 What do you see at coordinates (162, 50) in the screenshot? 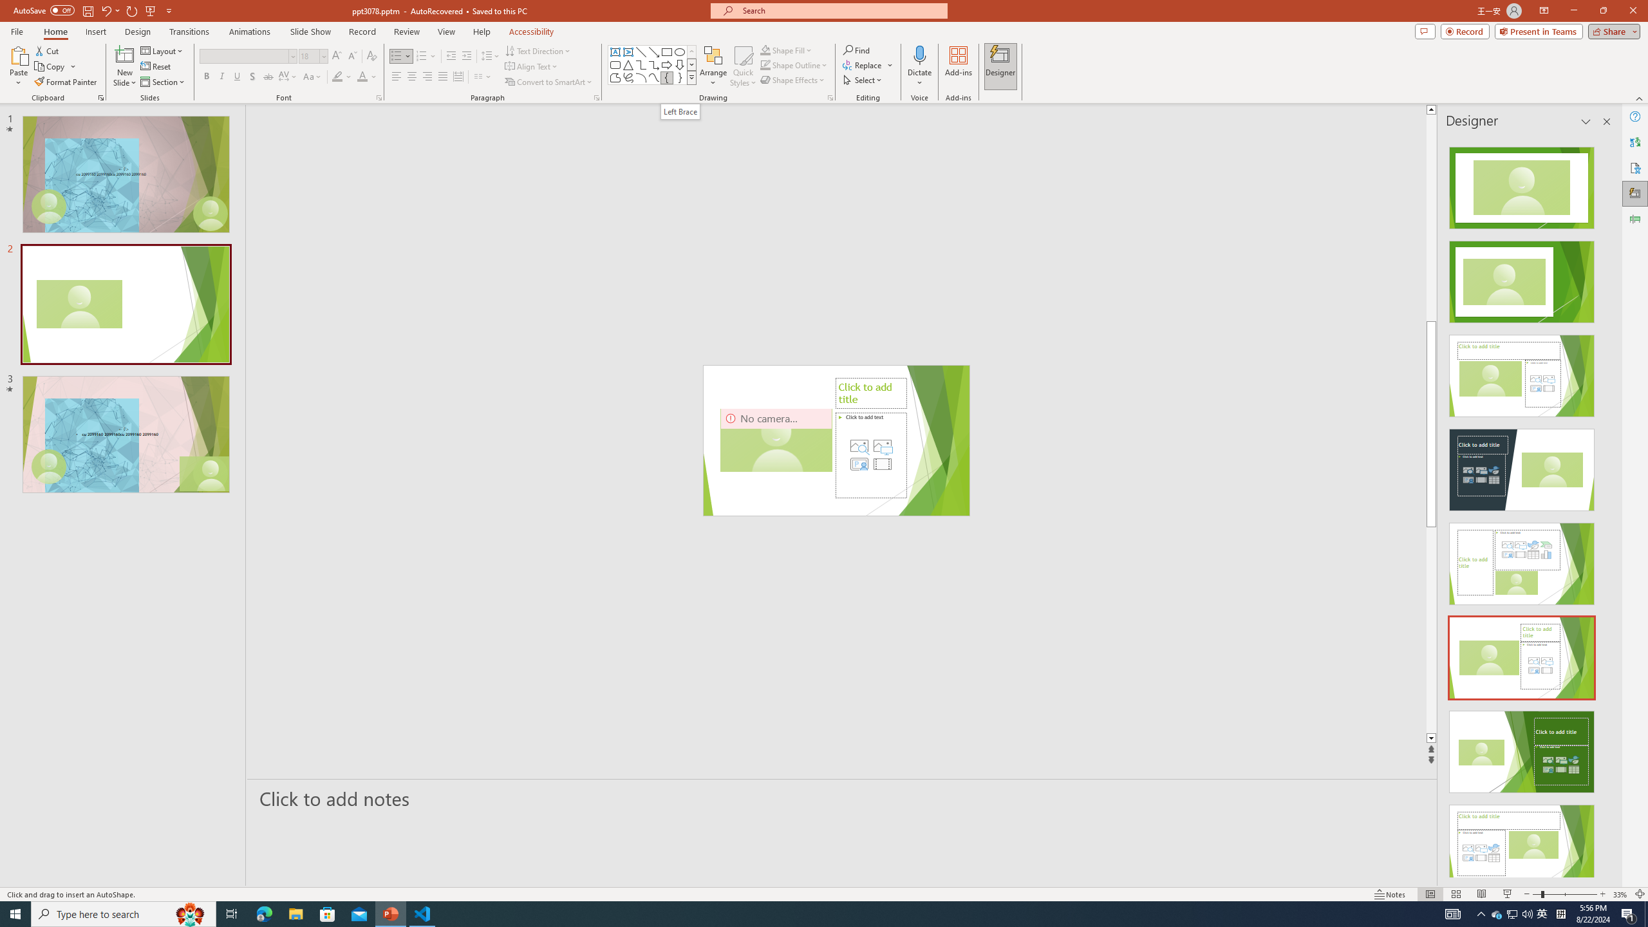
I see `'Layout'` at bounding box center [162, 50].